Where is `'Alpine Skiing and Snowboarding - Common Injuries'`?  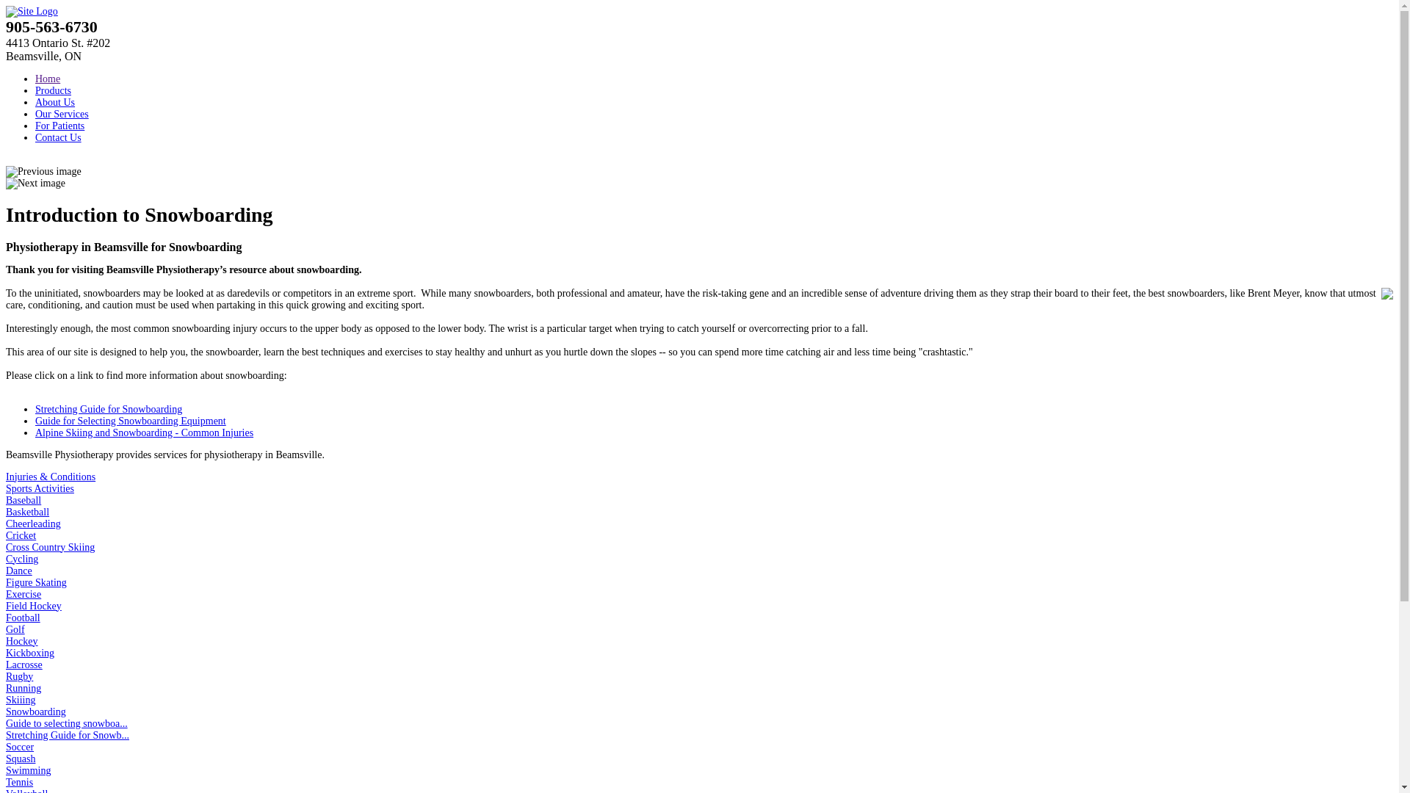
'Alpine Skiing and Snowboarding - Common Injuries' is located at coordinates (144, 432).